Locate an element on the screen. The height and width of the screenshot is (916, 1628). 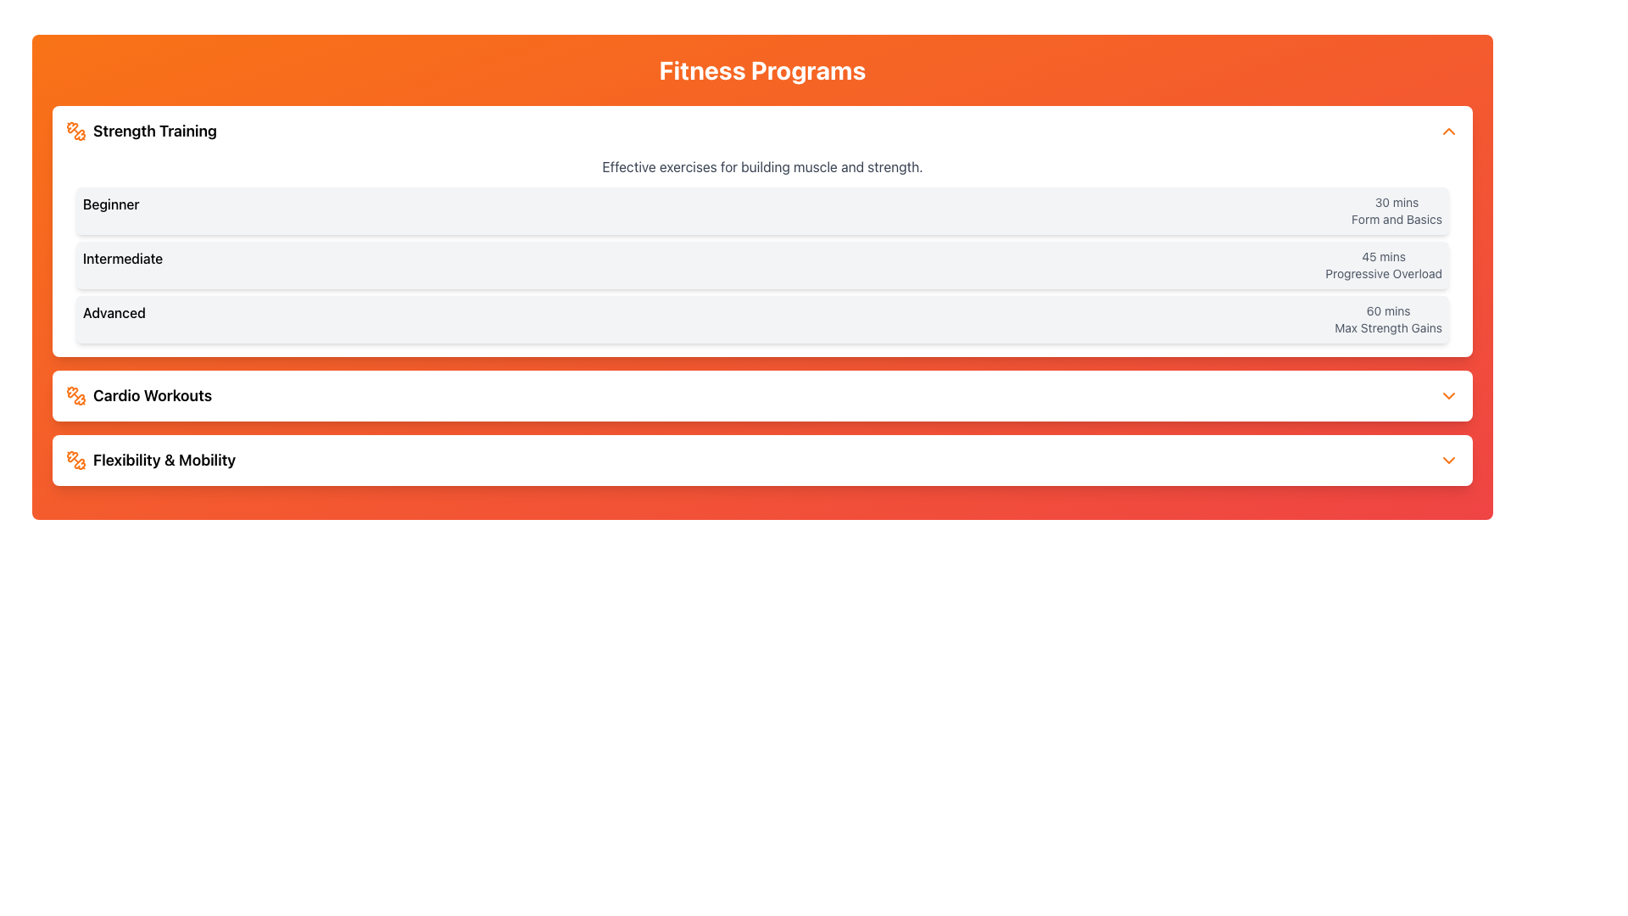
the 'Flexibility & Mobility' text label with icon is located at coordinates (151, 461).